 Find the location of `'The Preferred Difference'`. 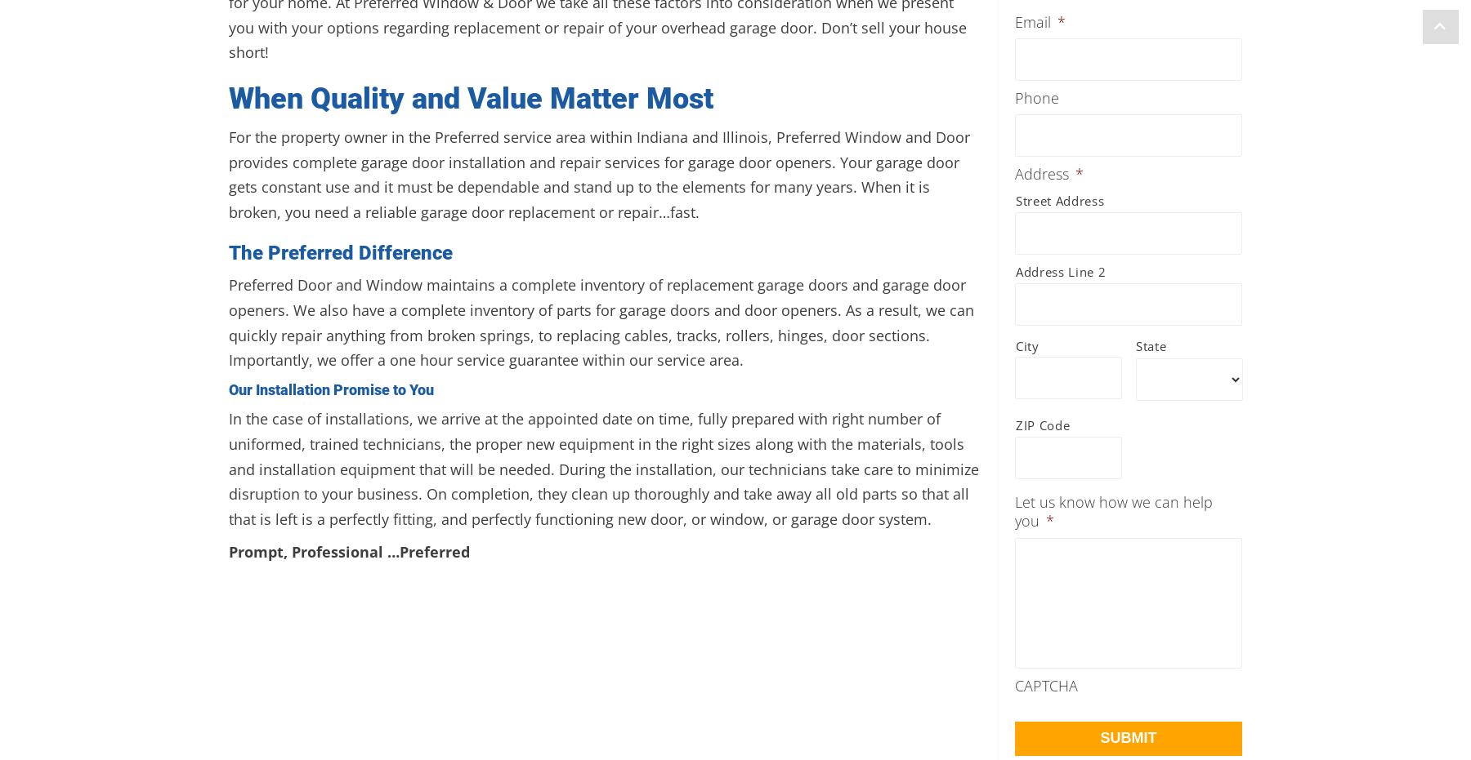

'The Preferred Difference' is located at coordinates (341, 251).